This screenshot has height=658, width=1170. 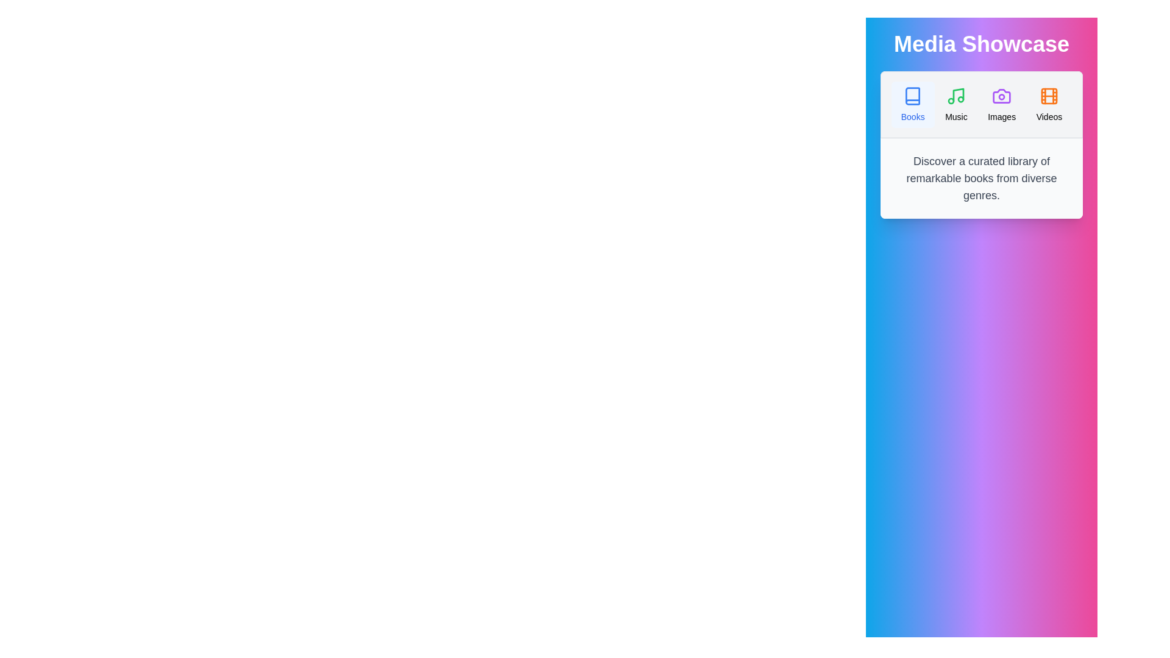 I want to click on the media category Images by clicking its icon, so click(x=1001, y=104).